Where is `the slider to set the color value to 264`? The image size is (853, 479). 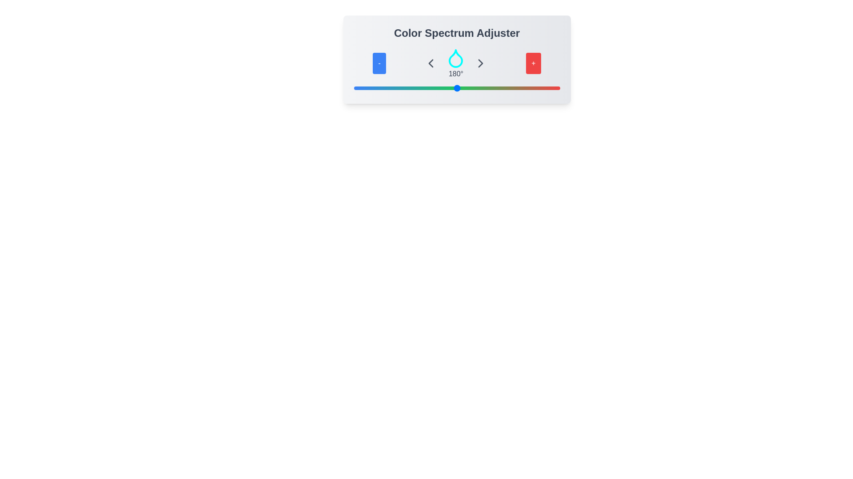
the slider to set the color value to 264 is located at coordinates (505, 88).